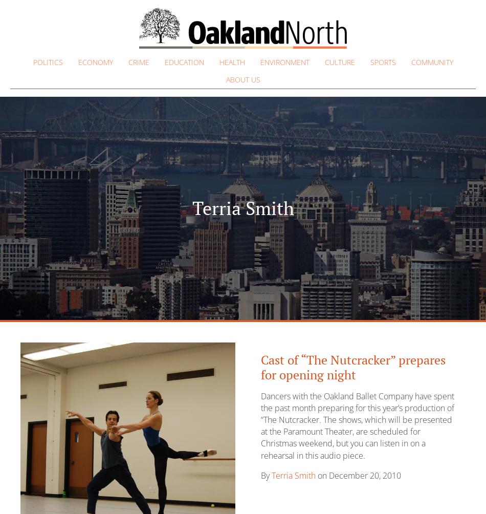  Describe the element at coordinates (260, 474) in the screenshot. I see `'By'` at that location.